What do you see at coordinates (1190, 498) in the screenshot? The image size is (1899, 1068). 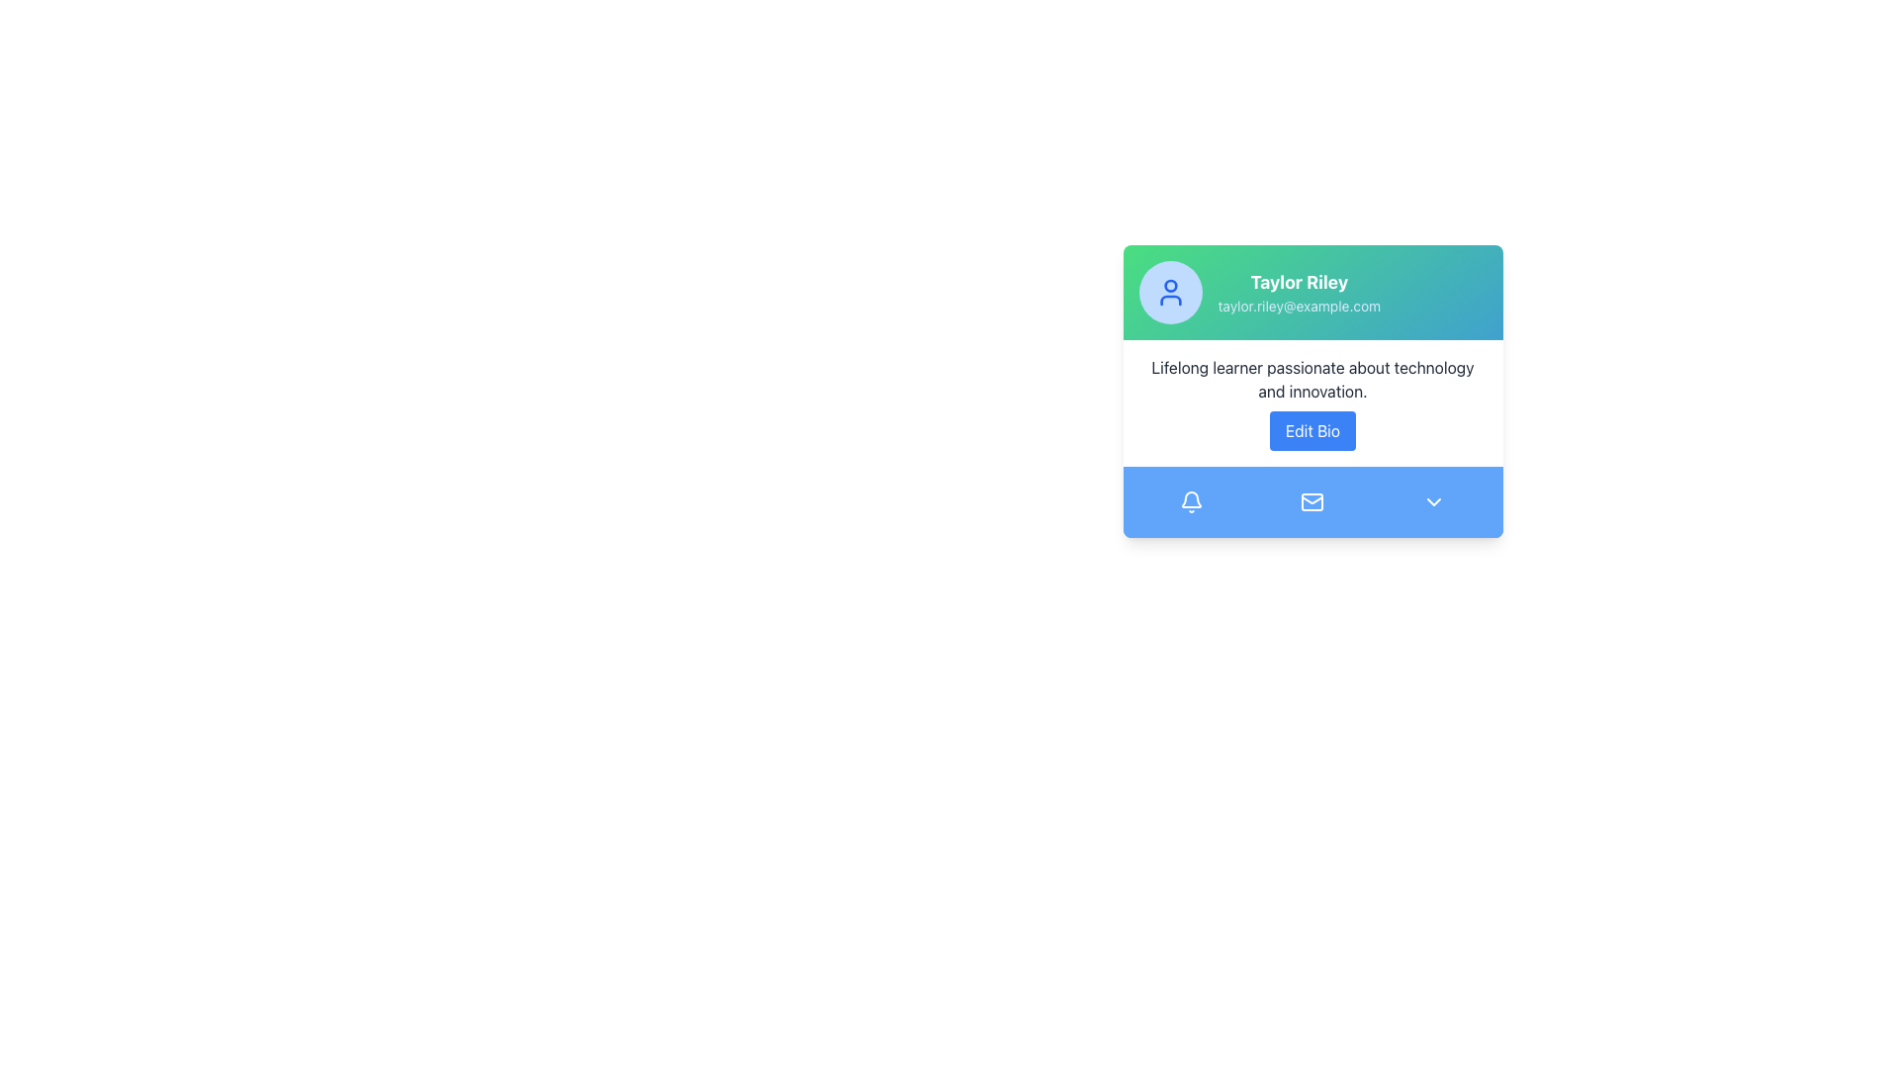 I see `the notifications icon located at the bottom-left corner of the card interface` at bounding box center [1190, 498].